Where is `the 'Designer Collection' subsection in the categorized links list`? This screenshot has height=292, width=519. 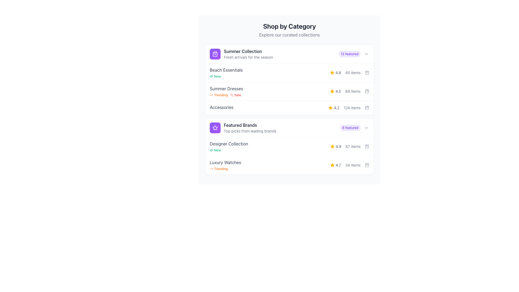 the 'Designer Collection' subsection in the categorized links list is located at coordinates (289, 155).